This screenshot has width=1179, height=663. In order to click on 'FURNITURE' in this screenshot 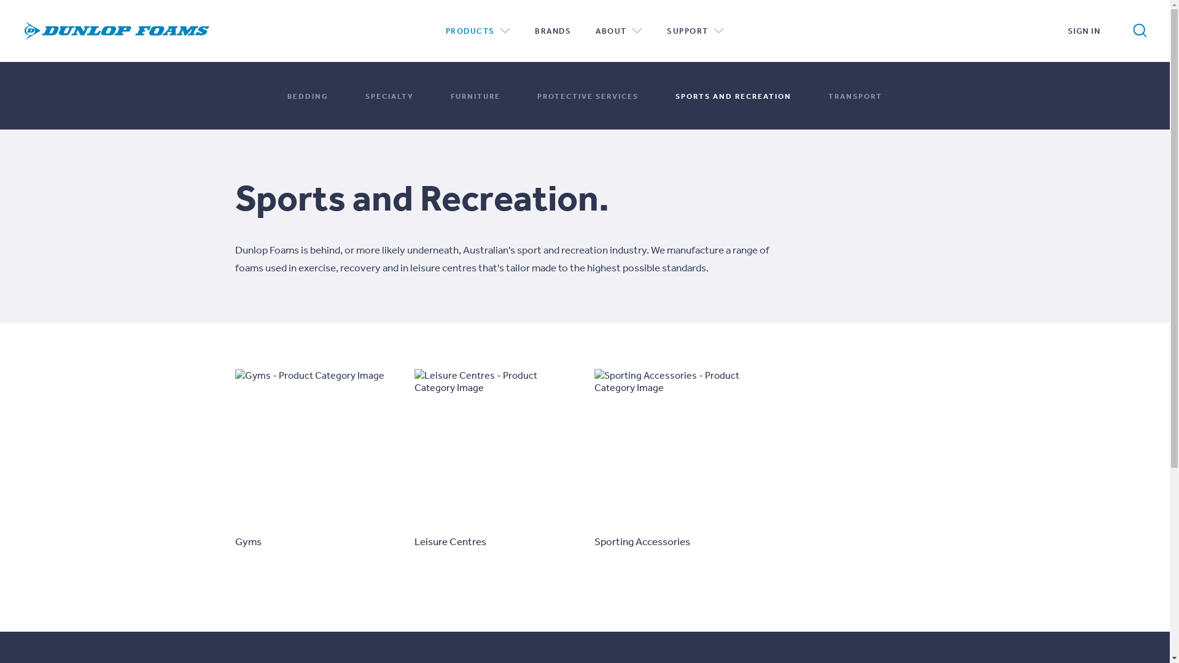, I will do `click(475, 95)`.